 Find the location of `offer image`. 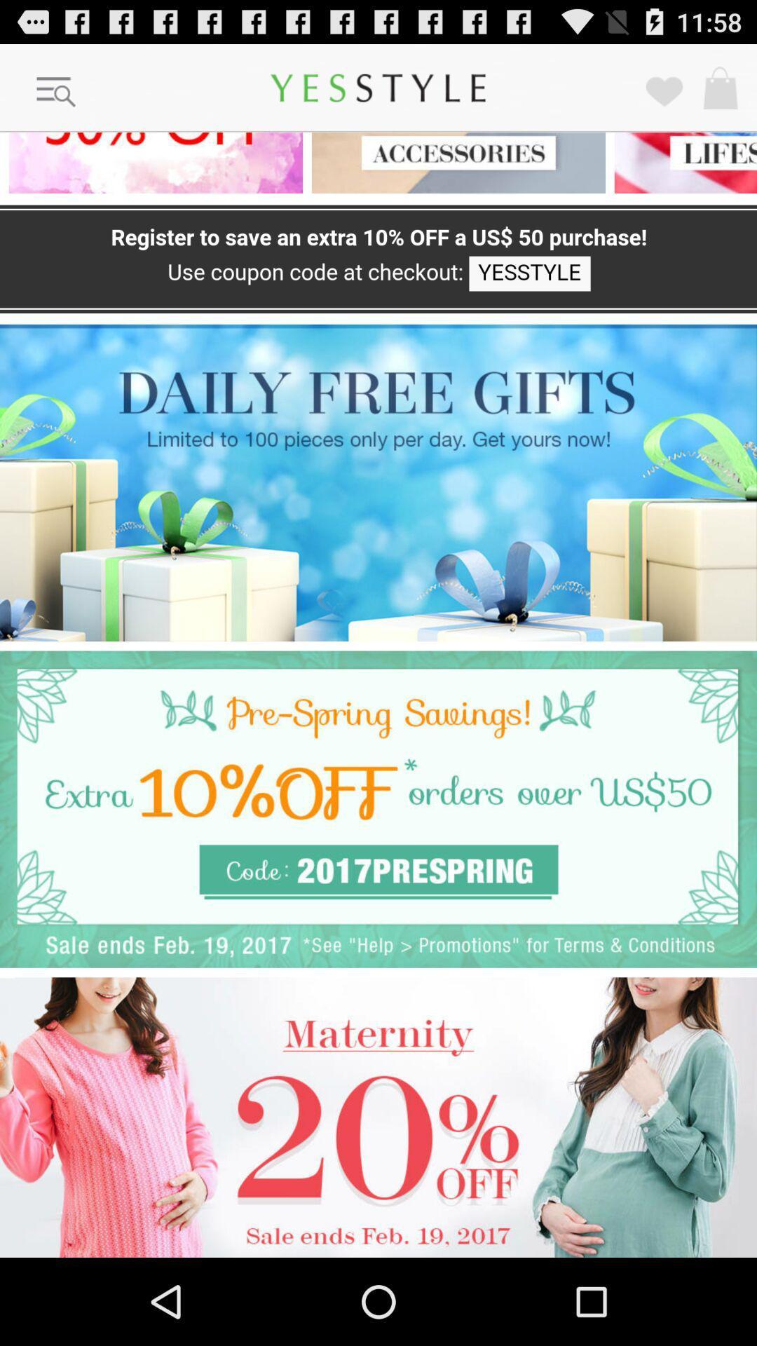

offer image is located at coordinates (151, 163).